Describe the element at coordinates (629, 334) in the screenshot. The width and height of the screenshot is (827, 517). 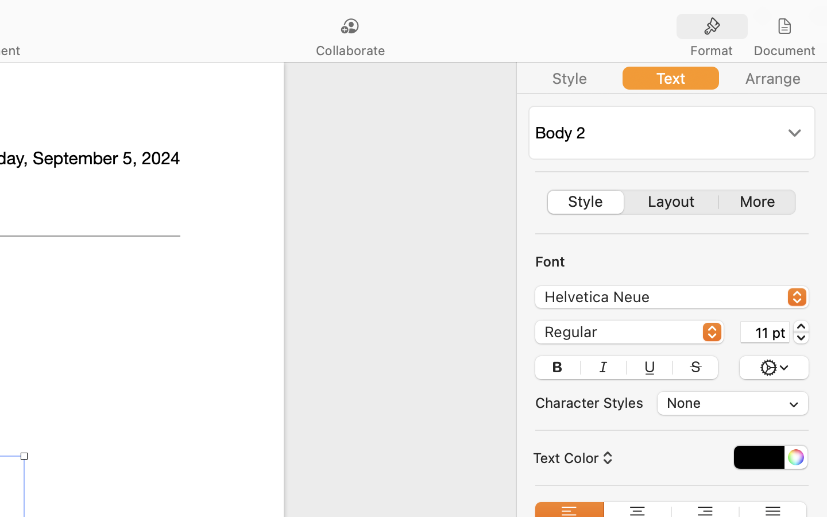
I see `'Regular'` at that location.